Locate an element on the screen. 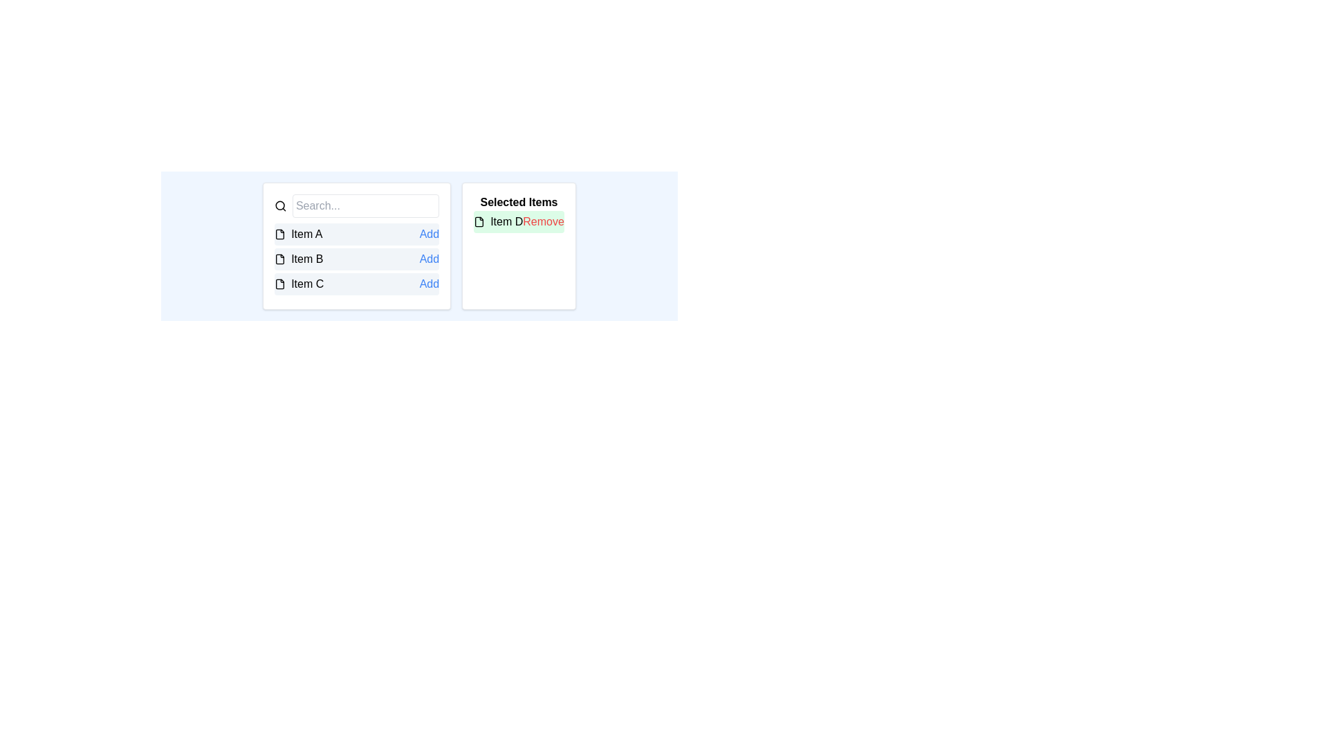 This screenshot has height=747, width=1328. the 'Remove' button next to the 'Item D' text label within the 'Selected Items' card is located at coordinates (518, 221).